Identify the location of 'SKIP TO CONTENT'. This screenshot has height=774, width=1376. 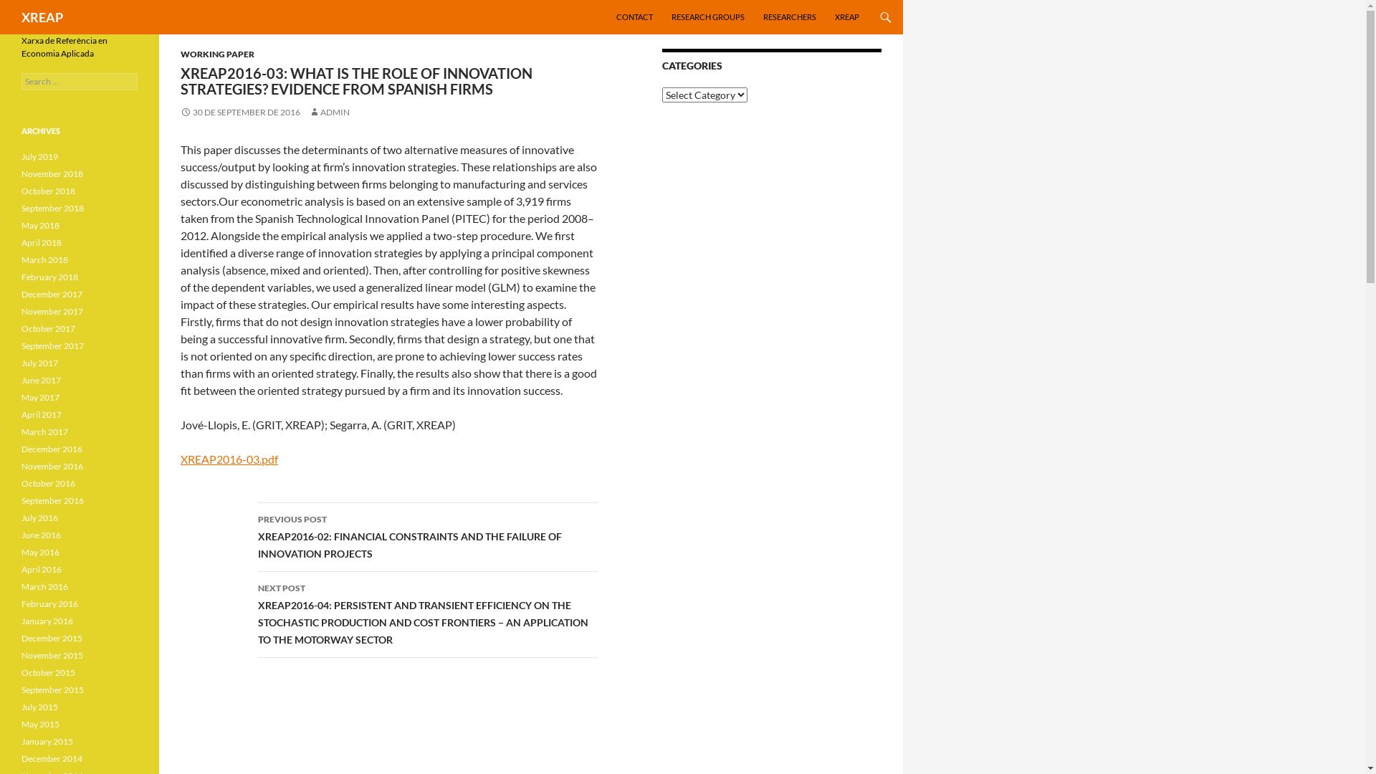
(616, 0).